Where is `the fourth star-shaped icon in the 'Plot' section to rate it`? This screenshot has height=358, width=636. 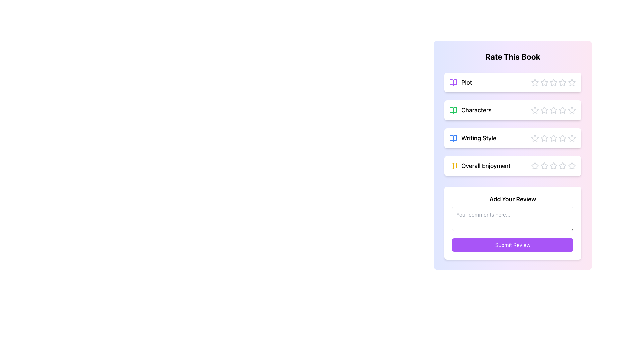 the fourth star-shaped icon in the 'Plot' section to rate it is located at coordinates (562, 82).